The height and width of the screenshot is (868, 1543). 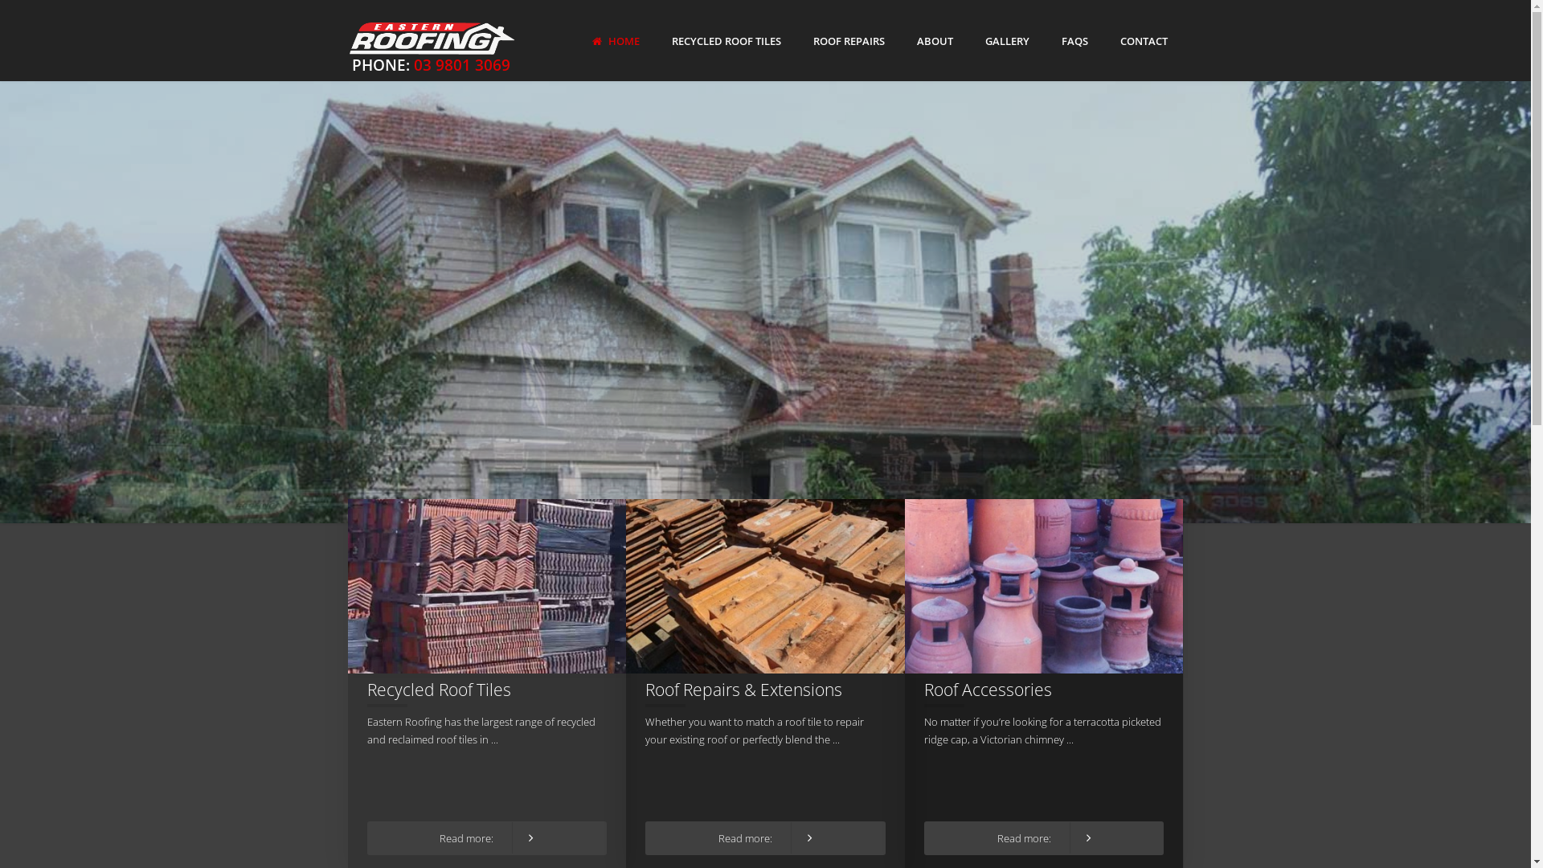 I want to click on 'Roof Repairs & Extensions', so click(x=743, y=688).